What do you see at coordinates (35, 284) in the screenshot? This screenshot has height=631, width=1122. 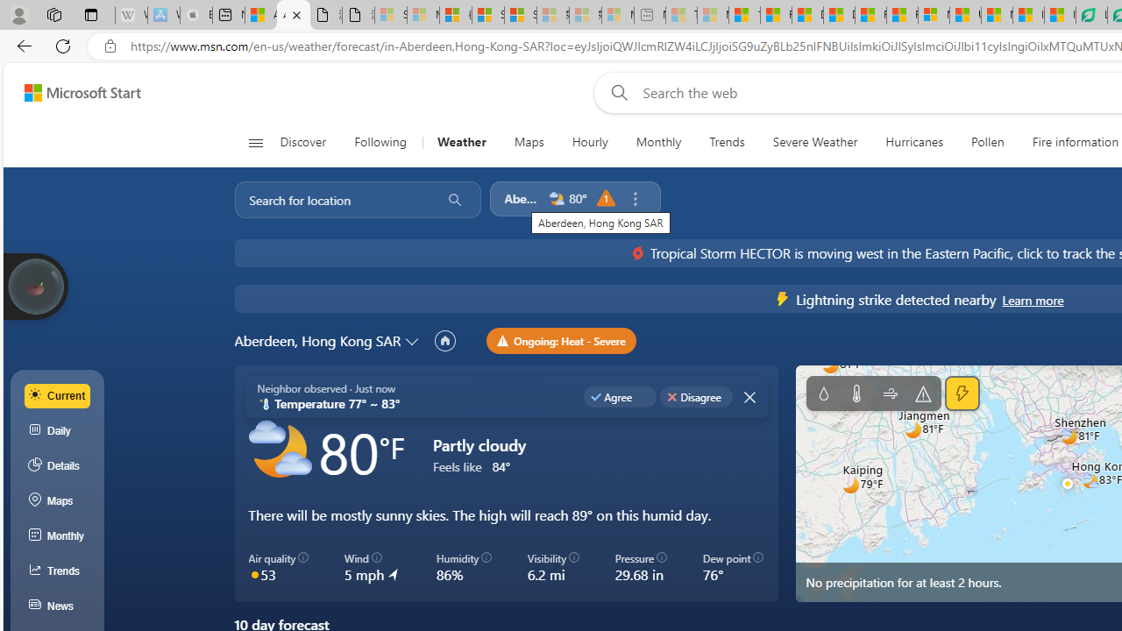 I see `'Join us in planting real trees to help our planet!'` at bounding box center [35, 284].